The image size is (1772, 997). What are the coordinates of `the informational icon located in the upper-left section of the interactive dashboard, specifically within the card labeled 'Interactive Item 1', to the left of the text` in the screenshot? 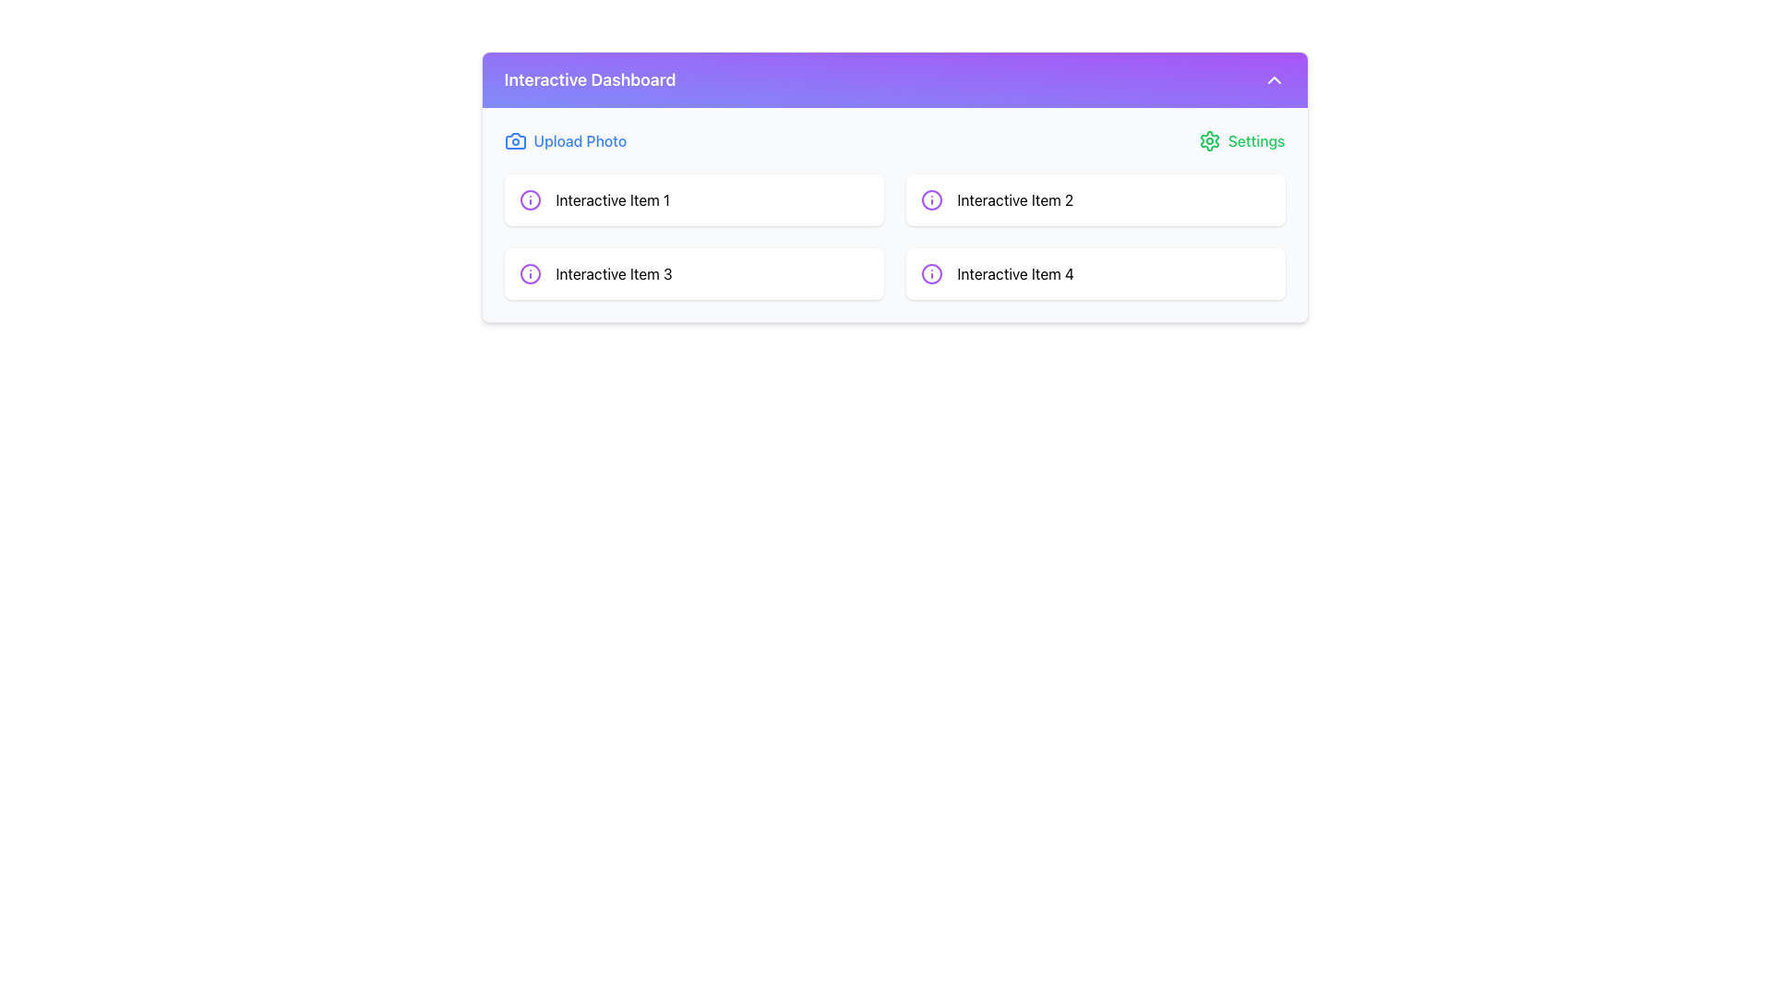 It's located at (529, 199).